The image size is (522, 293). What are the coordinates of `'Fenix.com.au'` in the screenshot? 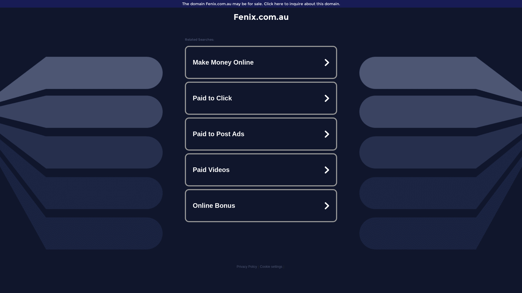 It's located at (260, 17).